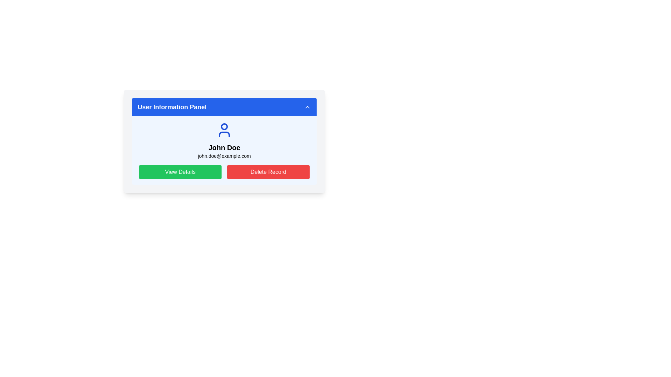 The image size is (671, 377). Describe the element at coordinates (224, 130) in the screenshot. I see `the user icon, which is a blue circular head and shoulders line art, located at the top of the user information panel above the text 'John Doe' and 'john.doe@example.com'` at that location.